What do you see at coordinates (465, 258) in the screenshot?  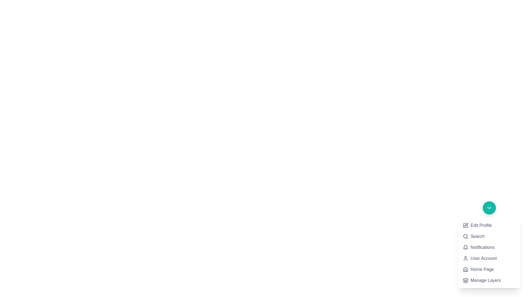 I see `the 'User Account' icon` at bounding box center [465, 258].